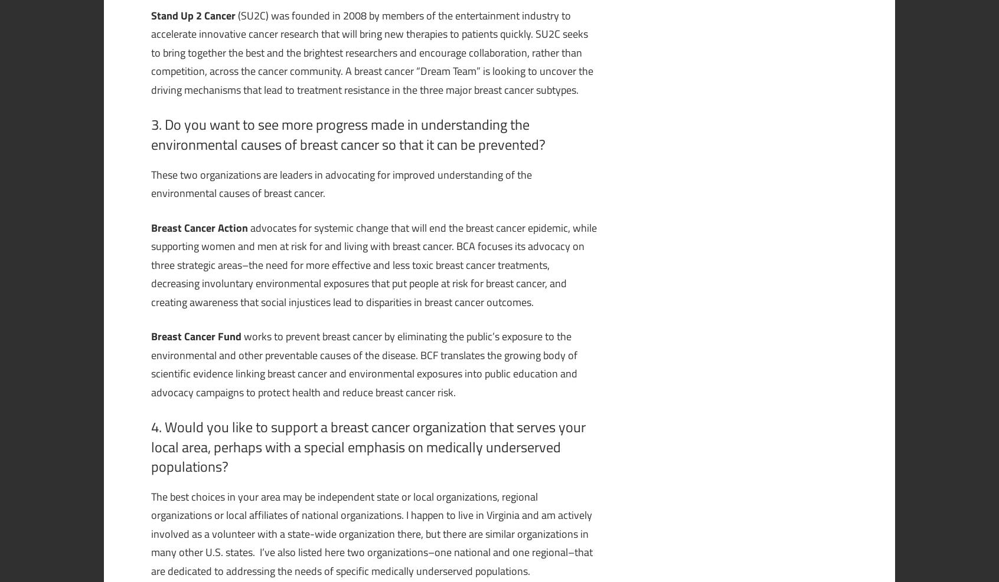 The height and width of the screenshot is (582, 999). Describe the element at coordinates (151, 14) in the screenshot. I see `'Stand Up 2 Cancer'` at that location.